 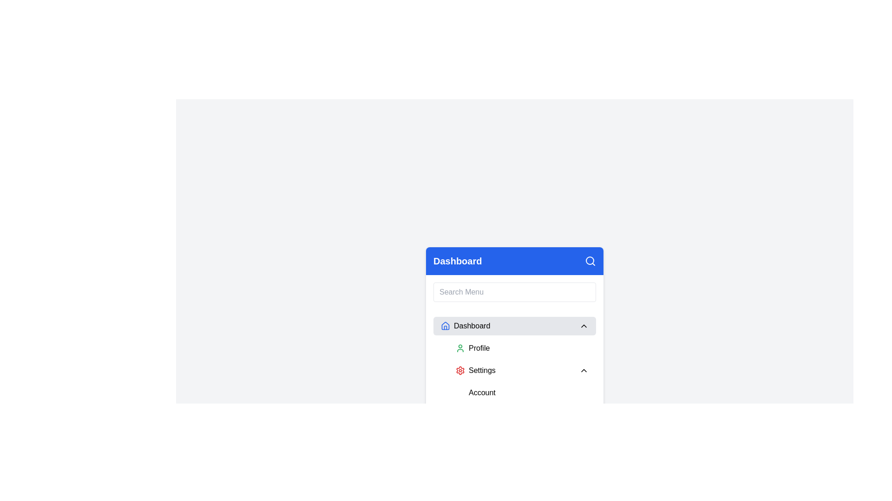 What do you see at coordinates (460, 370) in the screenshot?
I see `the red gear wheel SVG icon located to the left of the 'Settings' text label in the sidebar` at bounding box center [460, 370].